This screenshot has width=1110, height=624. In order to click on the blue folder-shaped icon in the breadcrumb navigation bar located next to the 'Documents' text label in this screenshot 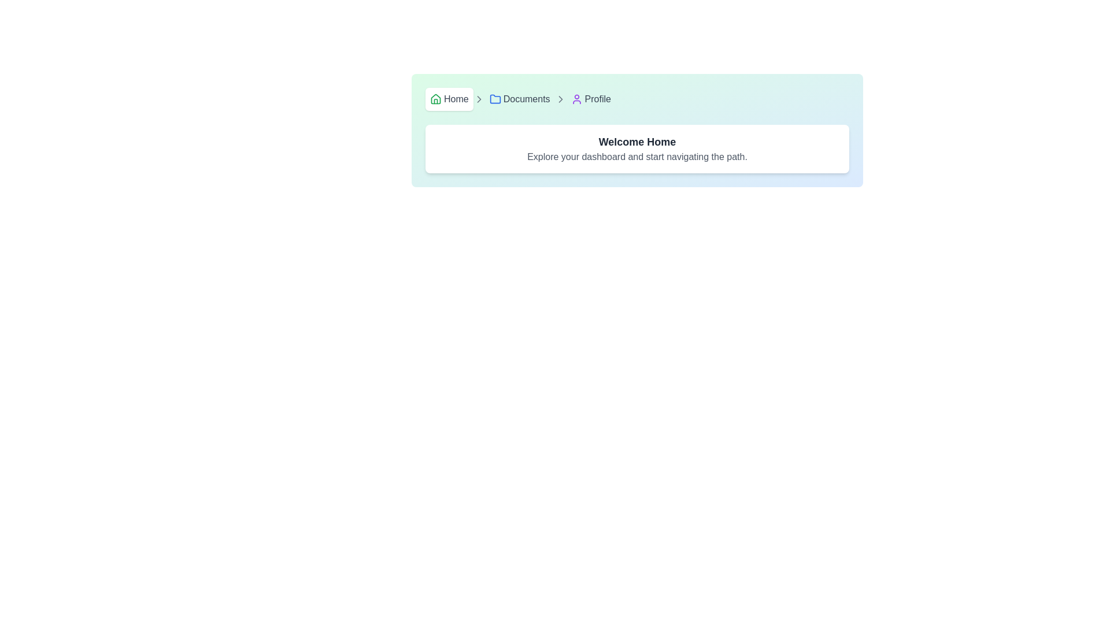, I will do `click(495, 99)`.